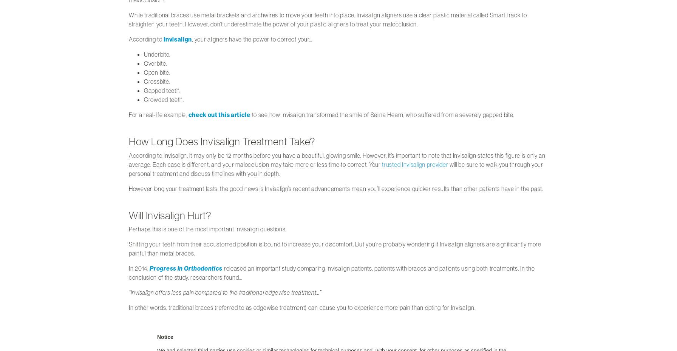  What do you see at coordinates (129, 307) in the screenshot?
I see `'In other words, traditional braces (referred to as edgewise treatment) can cause you to experience more pain than opting for Invisalign.'` at bounding box center [129, 307].